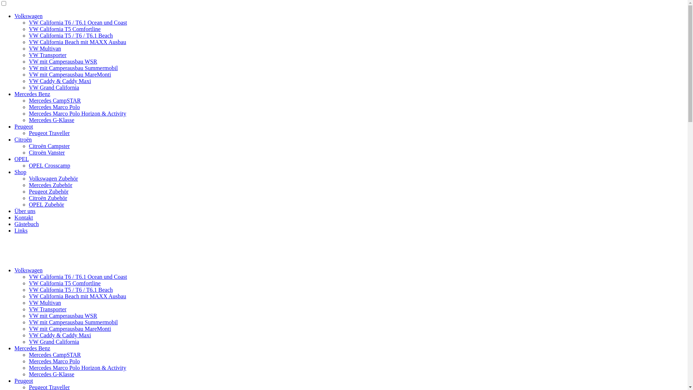 The height and width of the screenshot is (390, 693). I want to click on 'Mercedes G-Klasse', so click(29, 374).